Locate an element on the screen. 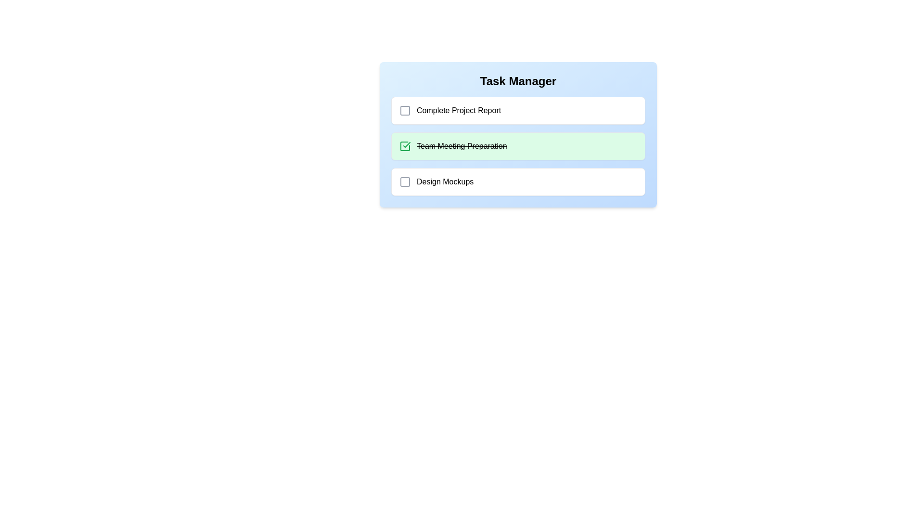  the completed task title text, which is styled with a strikethrough to indicate it has been completed, in order is located at coordinates (461, 146).